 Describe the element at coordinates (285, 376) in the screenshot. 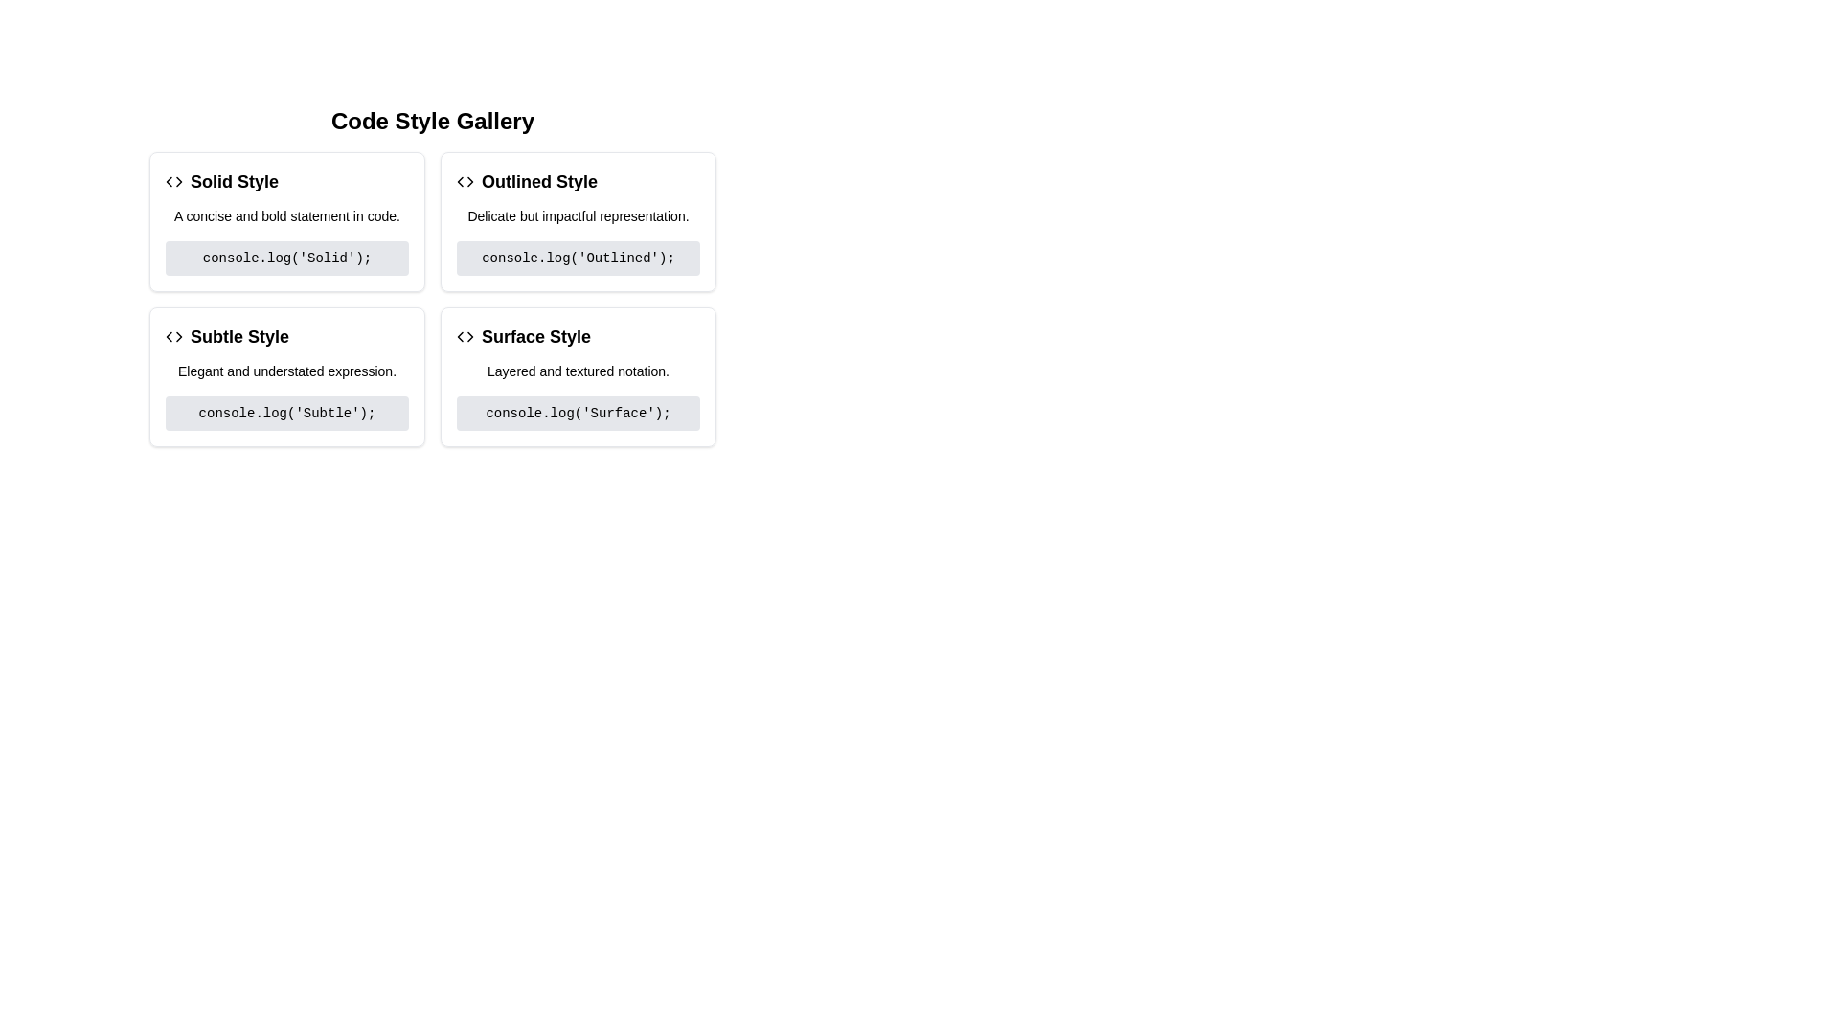

I see `the third card in the grid layout that displays information about the 'Subtle Style' code style` at that location.